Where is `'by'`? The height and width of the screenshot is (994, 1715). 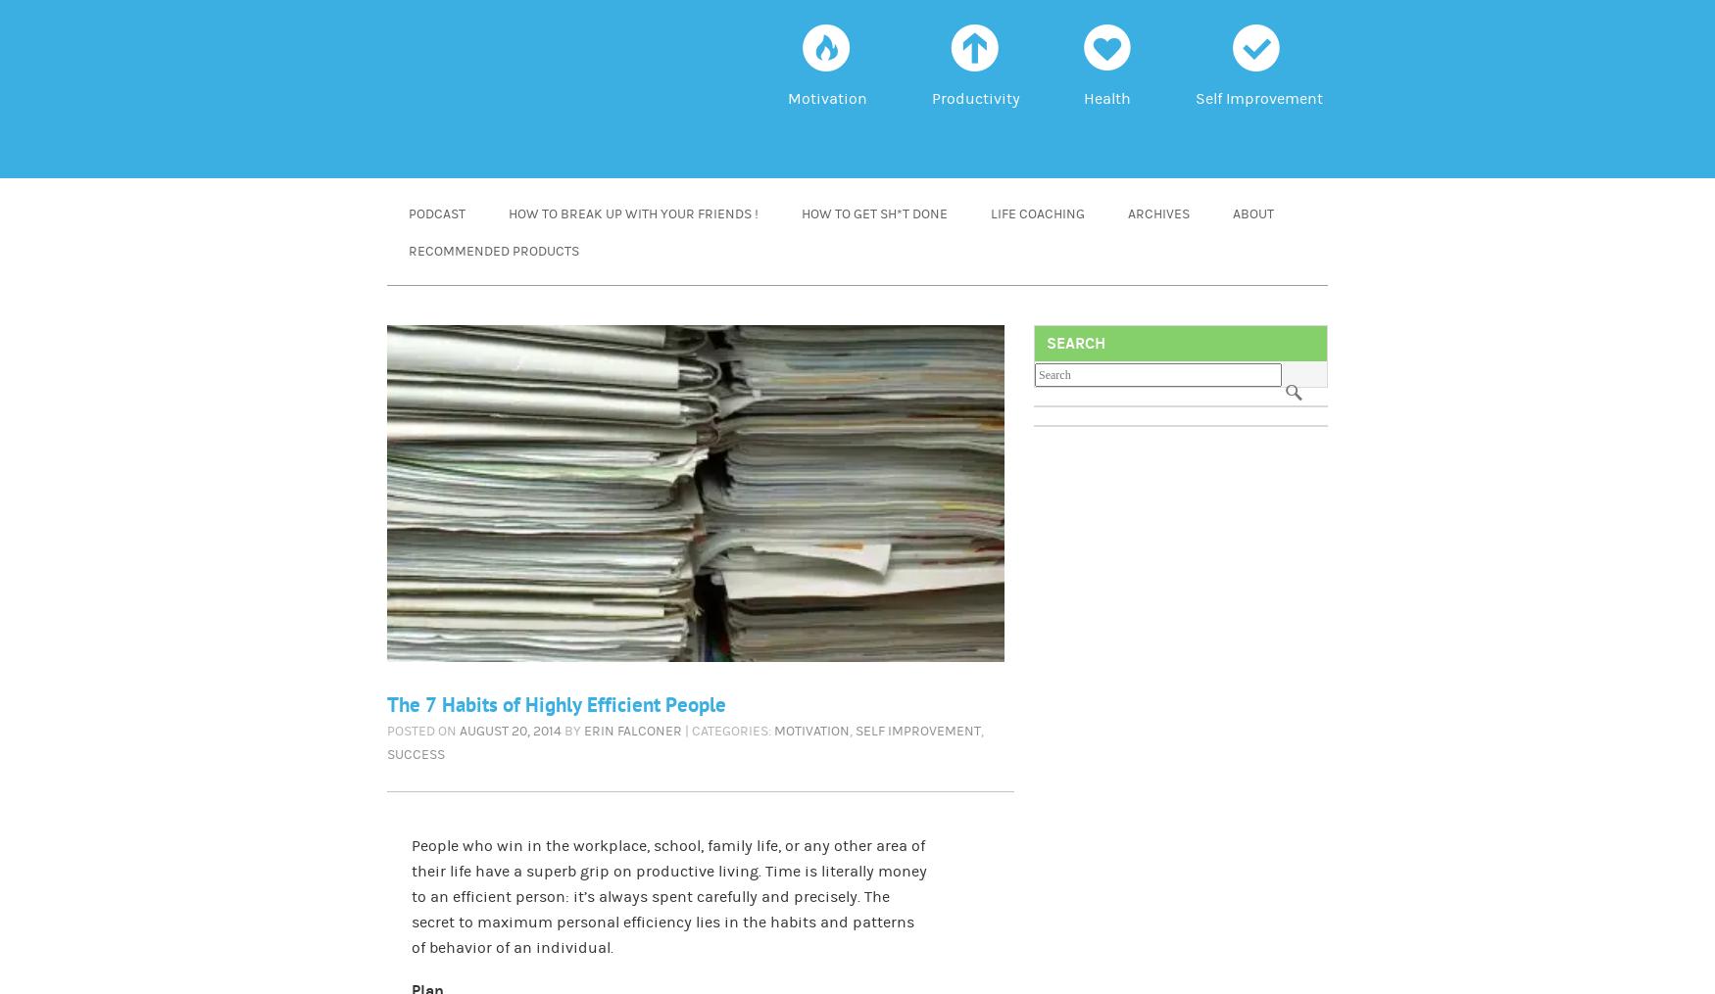
'by' is located at coordinates (563, 730).